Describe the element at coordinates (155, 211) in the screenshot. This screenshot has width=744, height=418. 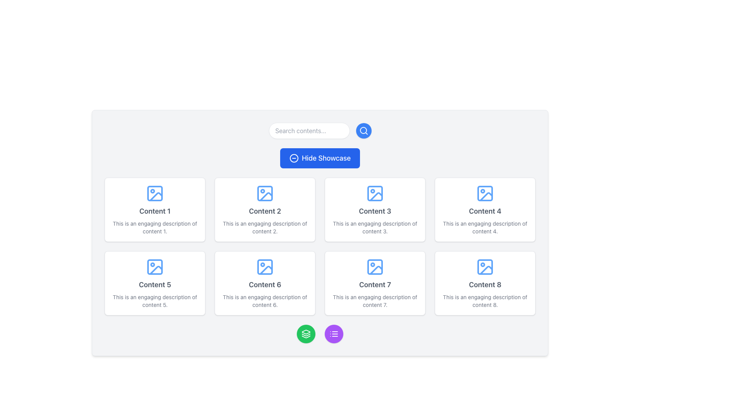
I see `text from the label displaying 'Content 1', which is styled with a large semibold gray font, located in the grid layout below an image icon` at that location.